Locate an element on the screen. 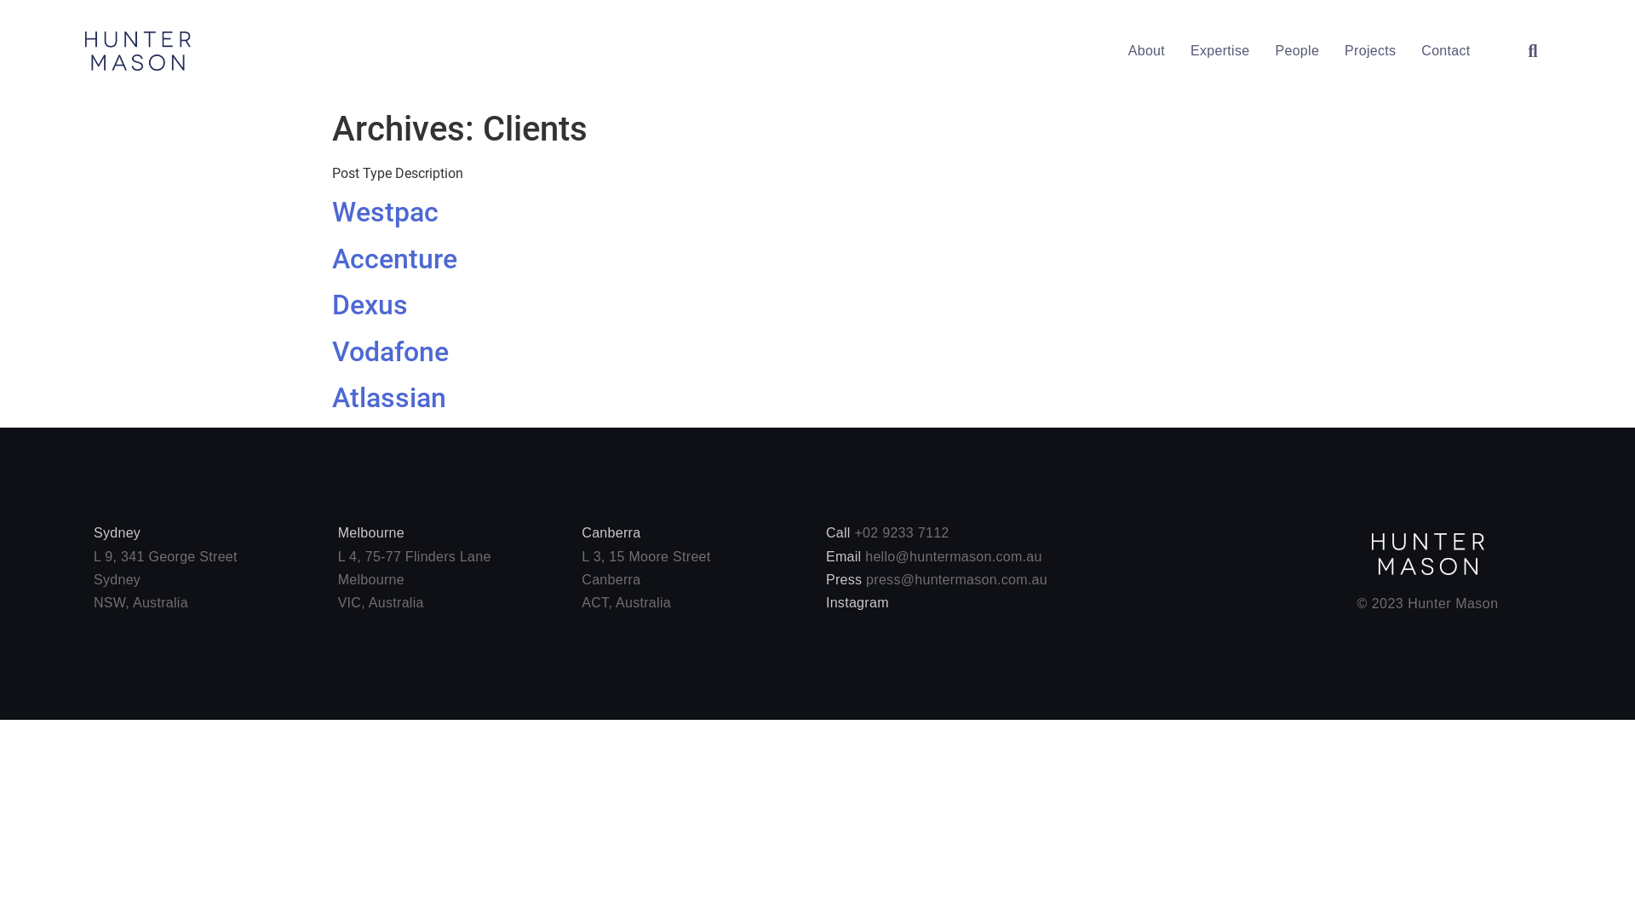 The width and height of the screenshot is (1635, 920). 'People' is located at coordinates (1262, 49).